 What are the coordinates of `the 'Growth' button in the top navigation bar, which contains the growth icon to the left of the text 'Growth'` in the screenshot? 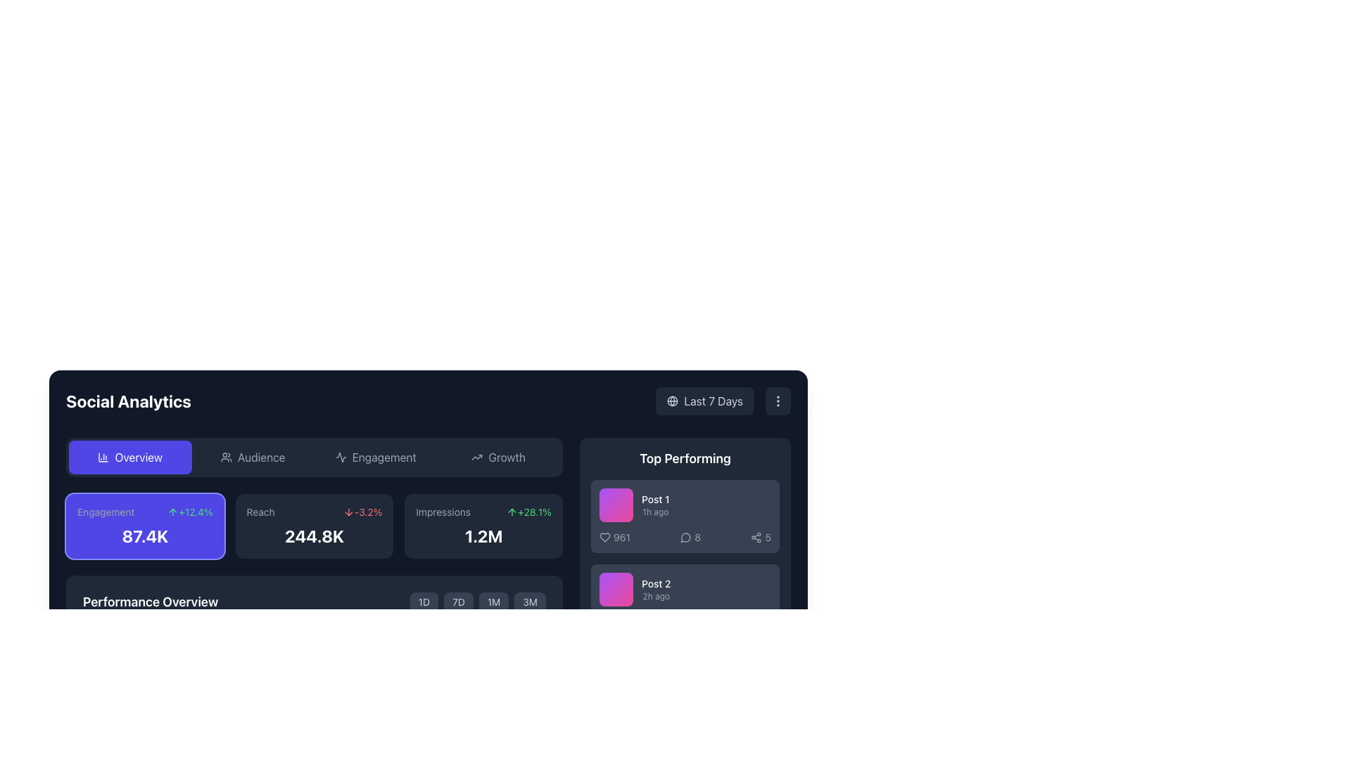 It's located at (477, 458).